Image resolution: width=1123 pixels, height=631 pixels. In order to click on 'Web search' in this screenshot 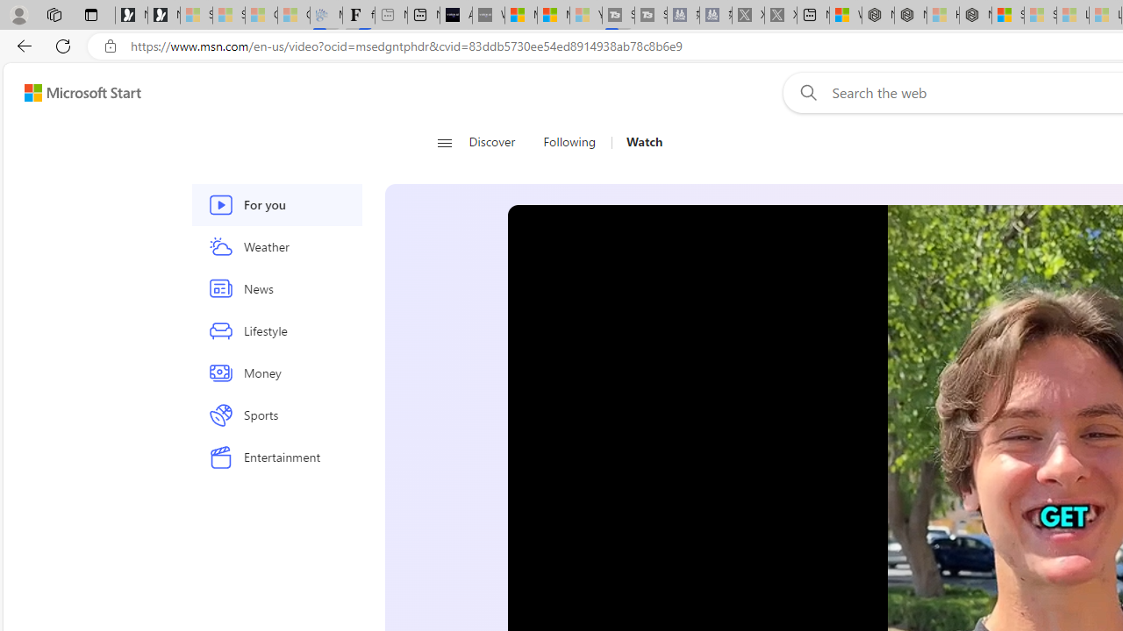, I will do `click(804, 92)`.